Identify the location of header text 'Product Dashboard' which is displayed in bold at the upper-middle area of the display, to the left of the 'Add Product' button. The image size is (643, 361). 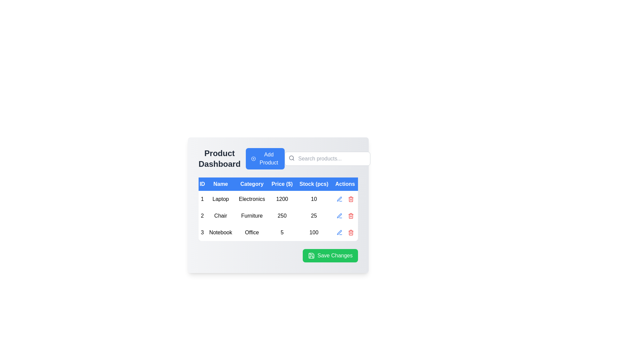
(241, 158).